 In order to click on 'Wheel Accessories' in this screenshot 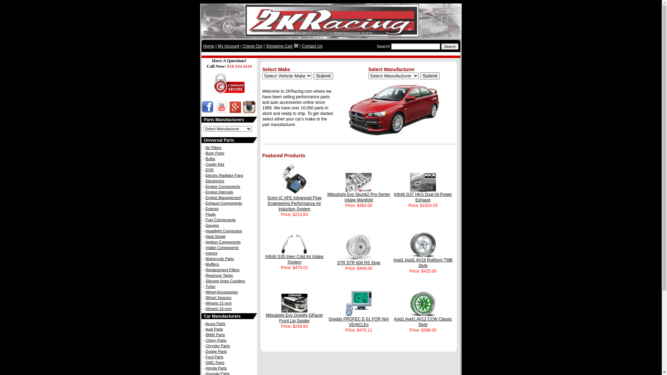, I will do `click(221, 292)`.